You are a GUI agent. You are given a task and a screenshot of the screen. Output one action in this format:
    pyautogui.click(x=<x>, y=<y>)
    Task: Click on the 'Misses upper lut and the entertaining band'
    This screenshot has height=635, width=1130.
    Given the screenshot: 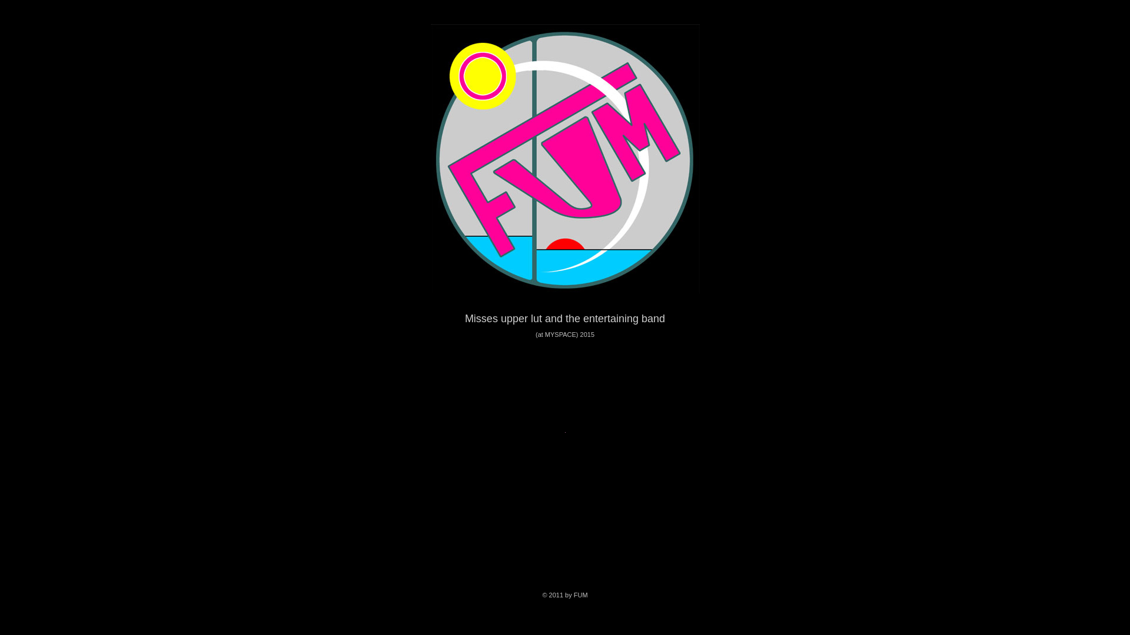 What is the action you would take?
    pyautogui.click(x=565, y=317)
    